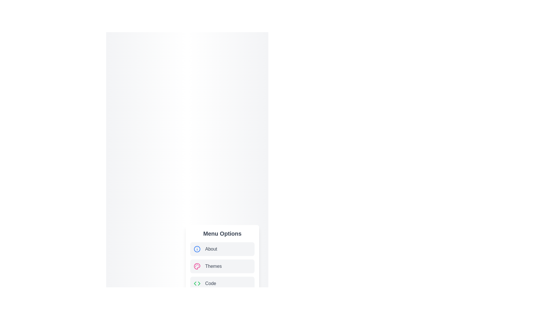  What do you see at coordinates (210, 283) in the screenshot?
I see `text label that describes the coding menu item, which is located at the bottom of a vertical menu with a grey background, aligned to the right of a code symbol icon` at bounding box center [210, 283].